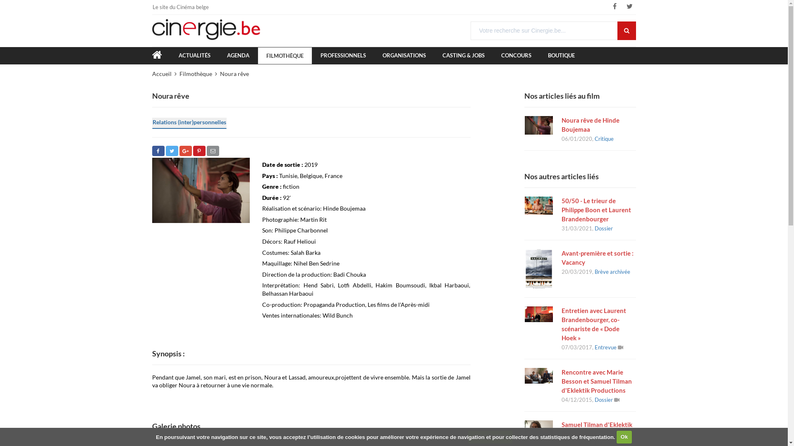 Image resolution: width=794 pixels, height=446 pixels. I want to click on 'AGENDA', so click(237, 55).